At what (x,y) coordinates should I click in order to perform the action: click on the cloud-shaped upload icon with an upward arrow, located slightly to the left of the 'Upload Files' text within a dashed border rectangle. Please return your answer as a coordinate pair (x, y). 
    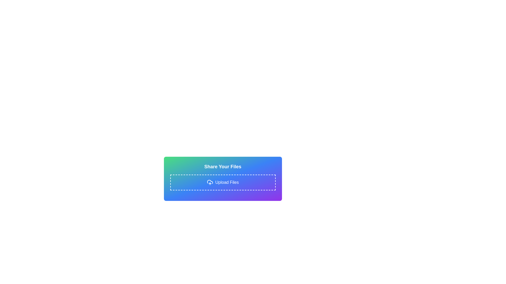
    Looking at the image, I should click on (210, 182).